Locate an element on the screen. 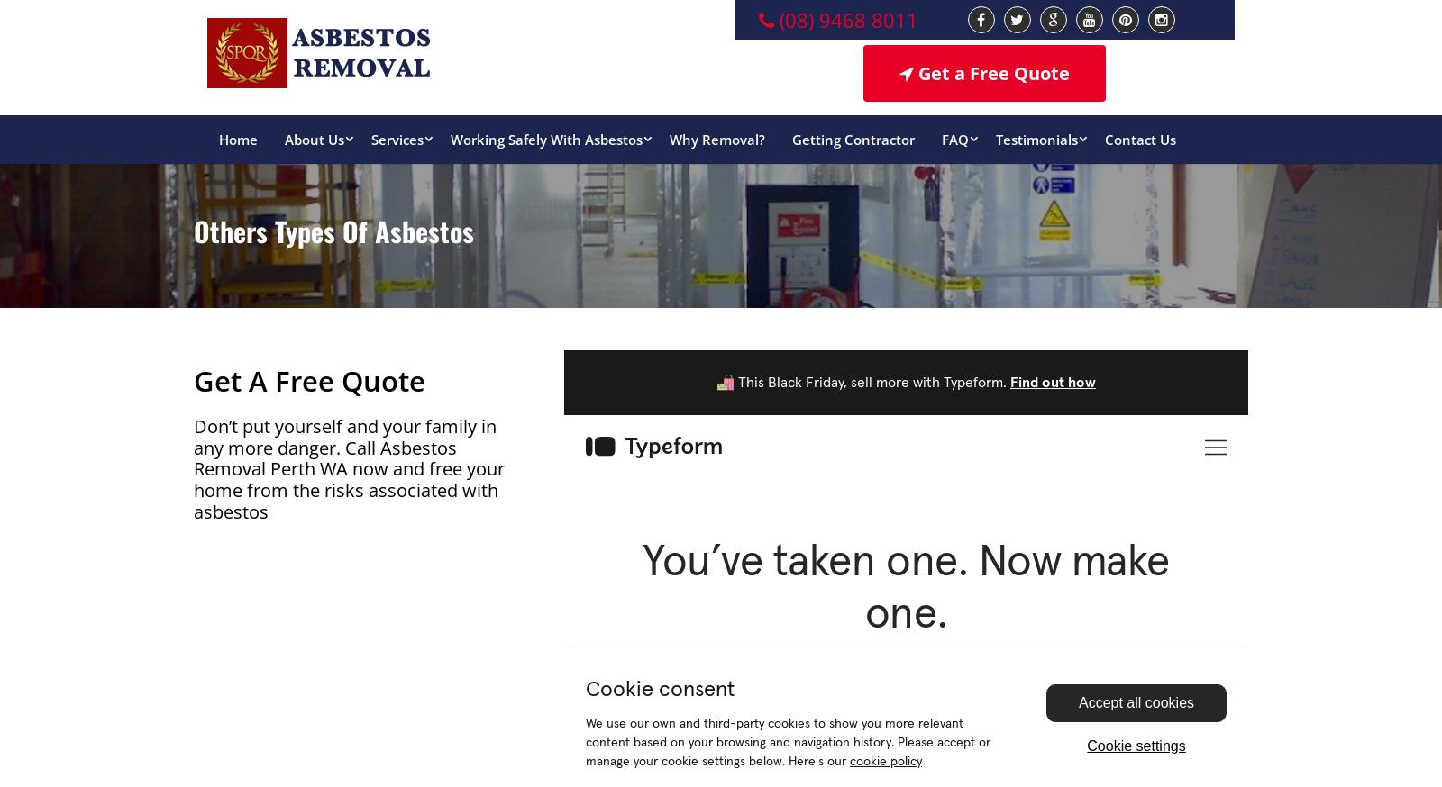 This screenshot has height=787, width=1442. 'Asbestos Fence & Shed Removal' is located at coordinates (449, 556).